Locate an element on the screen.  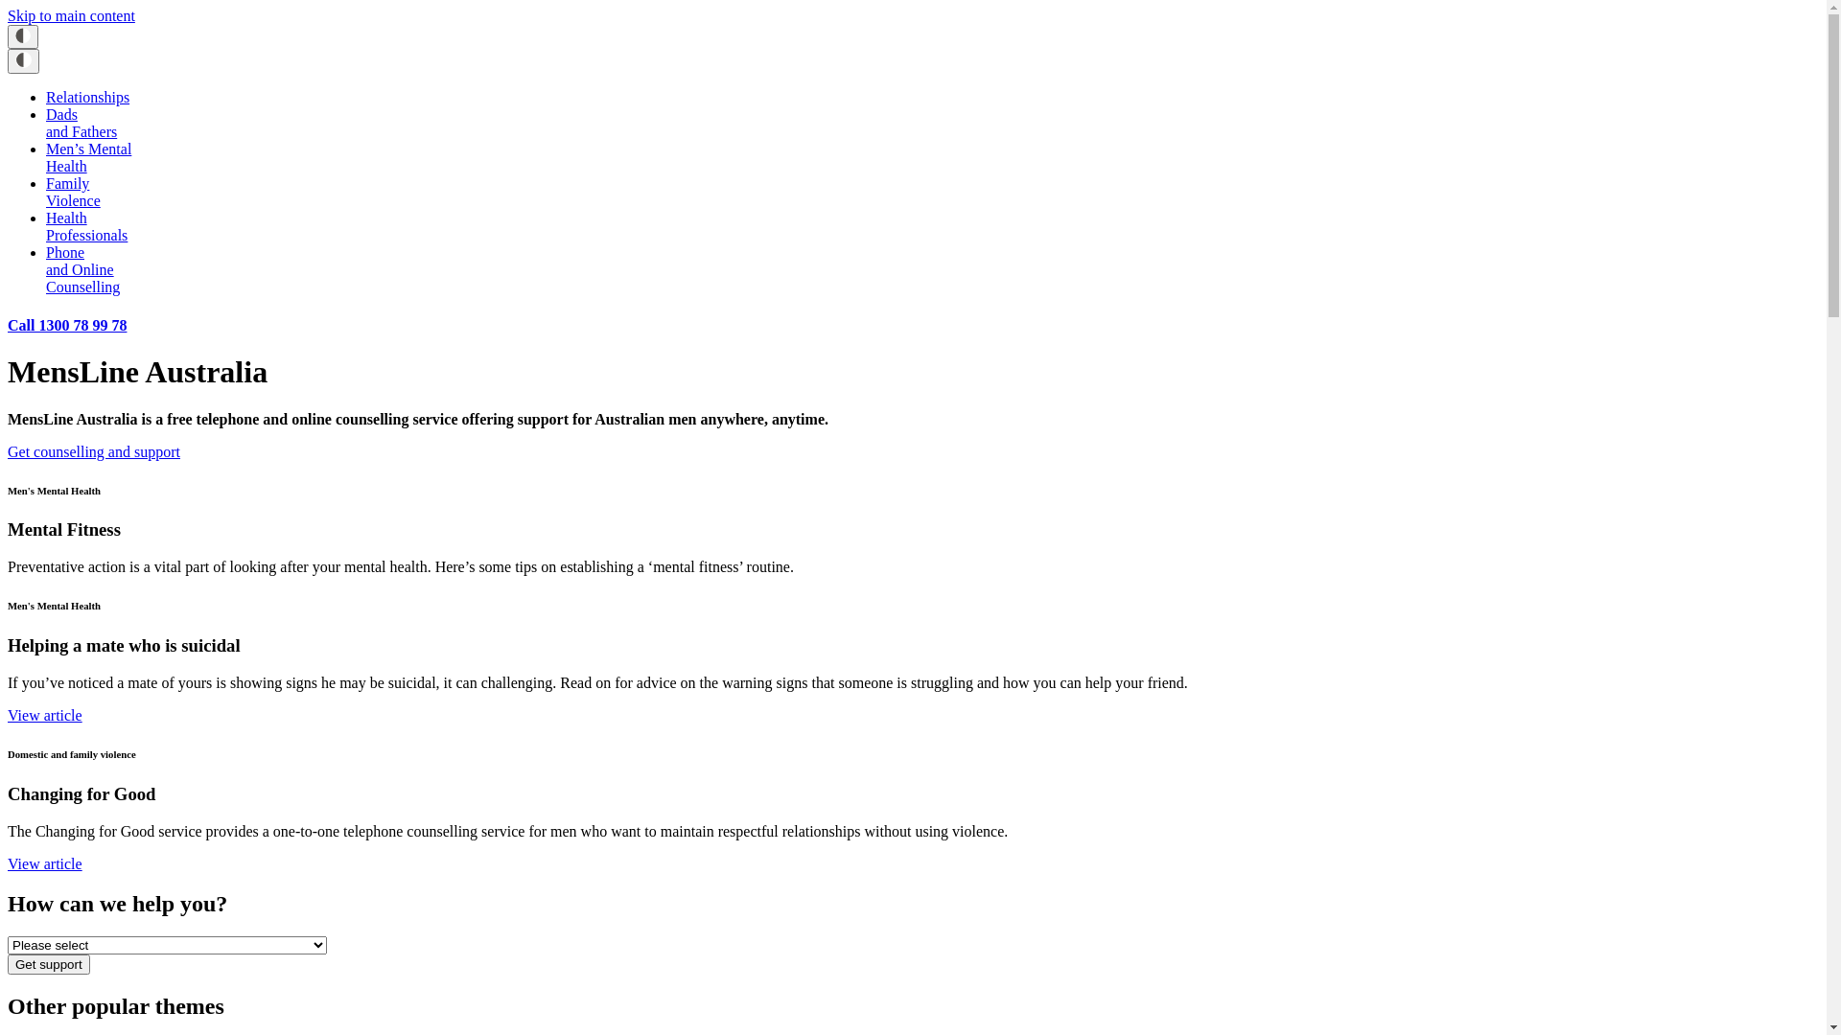
'Get counselling and support' is located at coordinates (92, 451).